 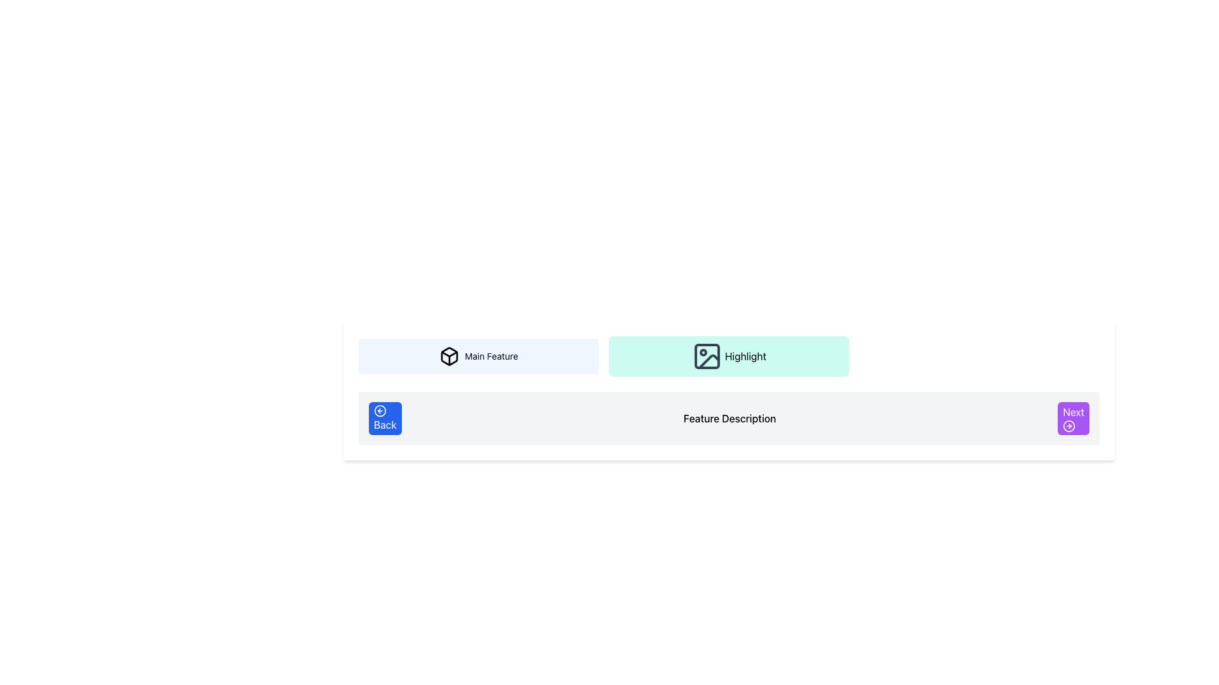 What do you see at coordinates (380, 411) in the screenshot?
I see `the button labeled 'Back' that contains a circular SVG icon with a leftward arrow, which is centrally positioned within the button` at bounding box center [380, 411].